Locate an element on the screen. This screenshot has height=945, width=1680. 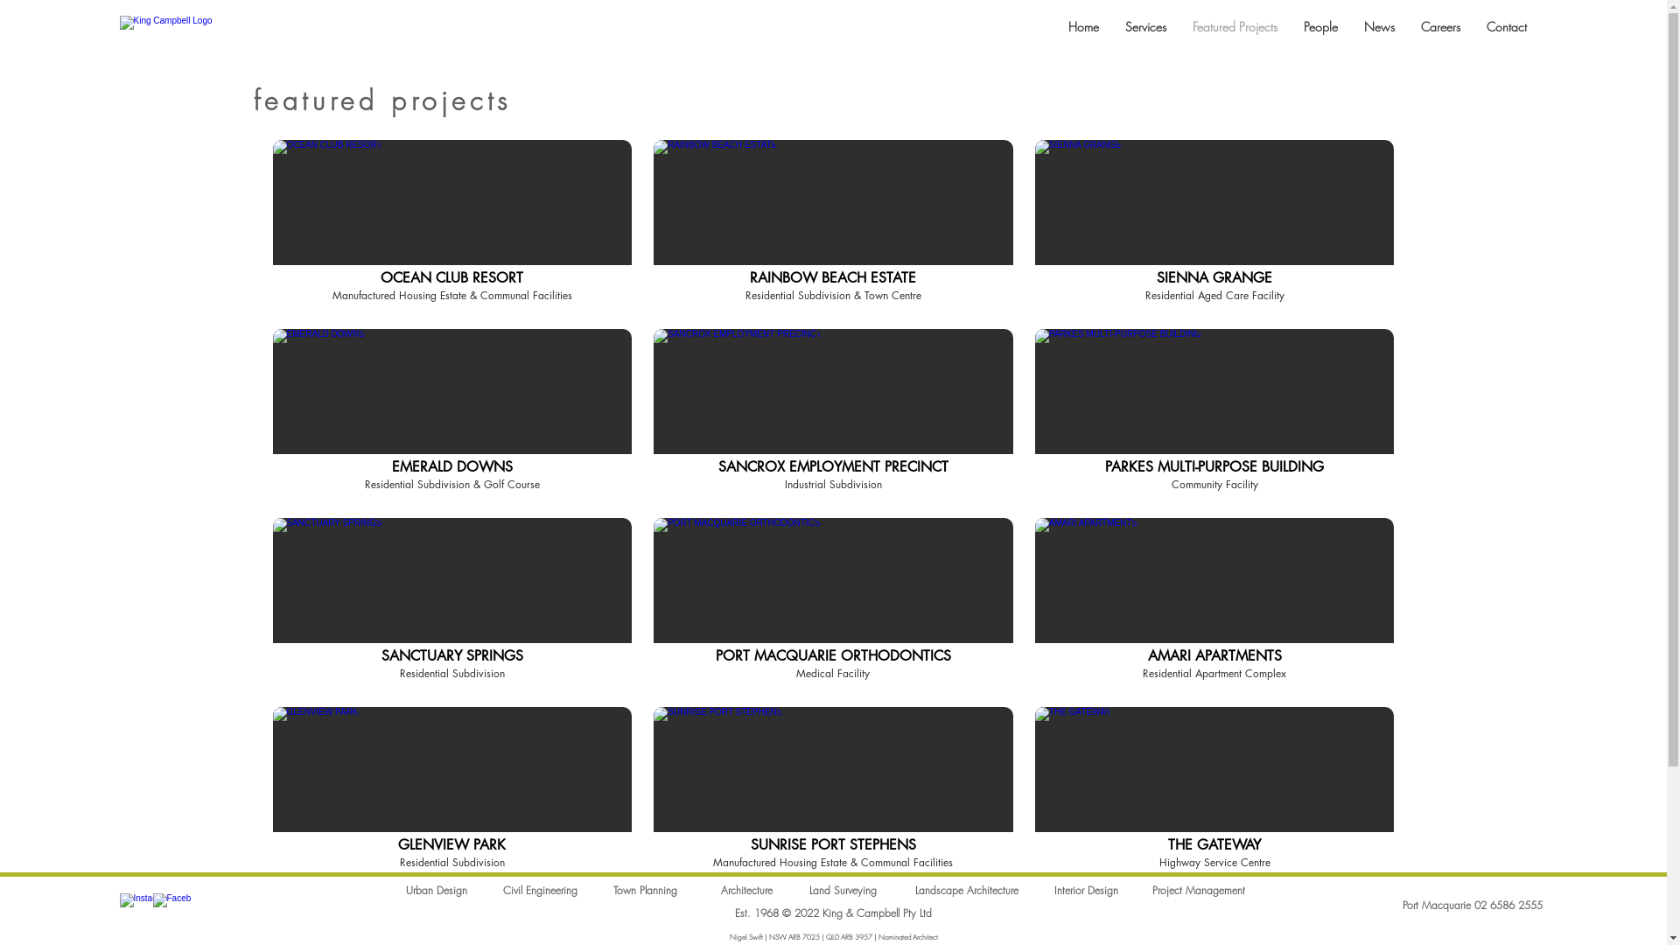
'Land Surveying' is located at coordinates (842, 890).